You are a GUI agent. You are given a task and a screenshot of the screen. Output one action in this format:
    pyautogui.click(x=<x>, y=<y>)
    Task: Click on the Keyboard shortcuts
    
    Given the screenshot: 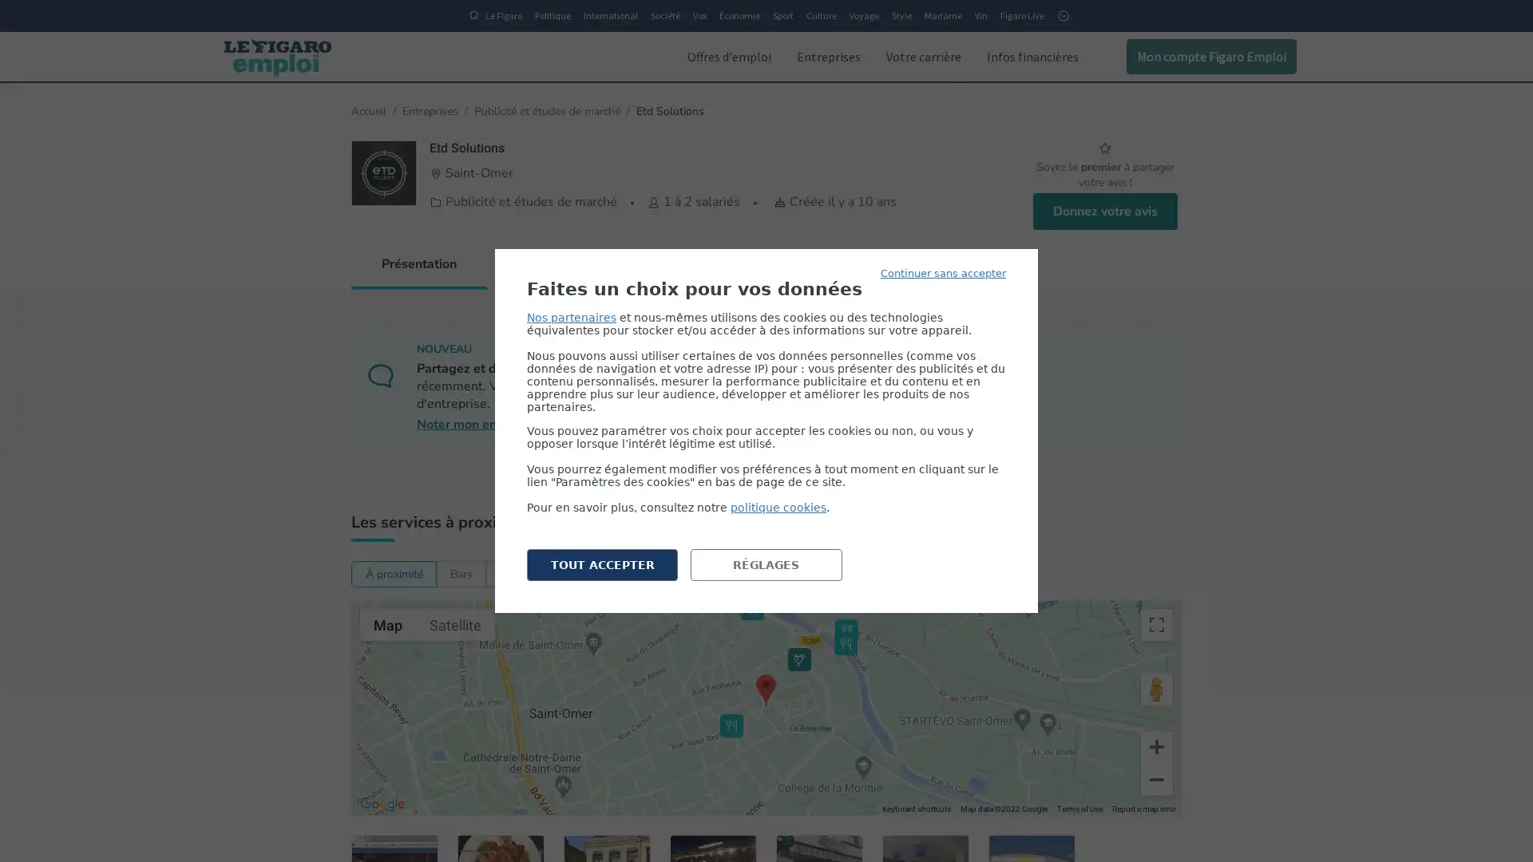 What is the action you would take?
    pyautogui.click(x=916, y=809)
    